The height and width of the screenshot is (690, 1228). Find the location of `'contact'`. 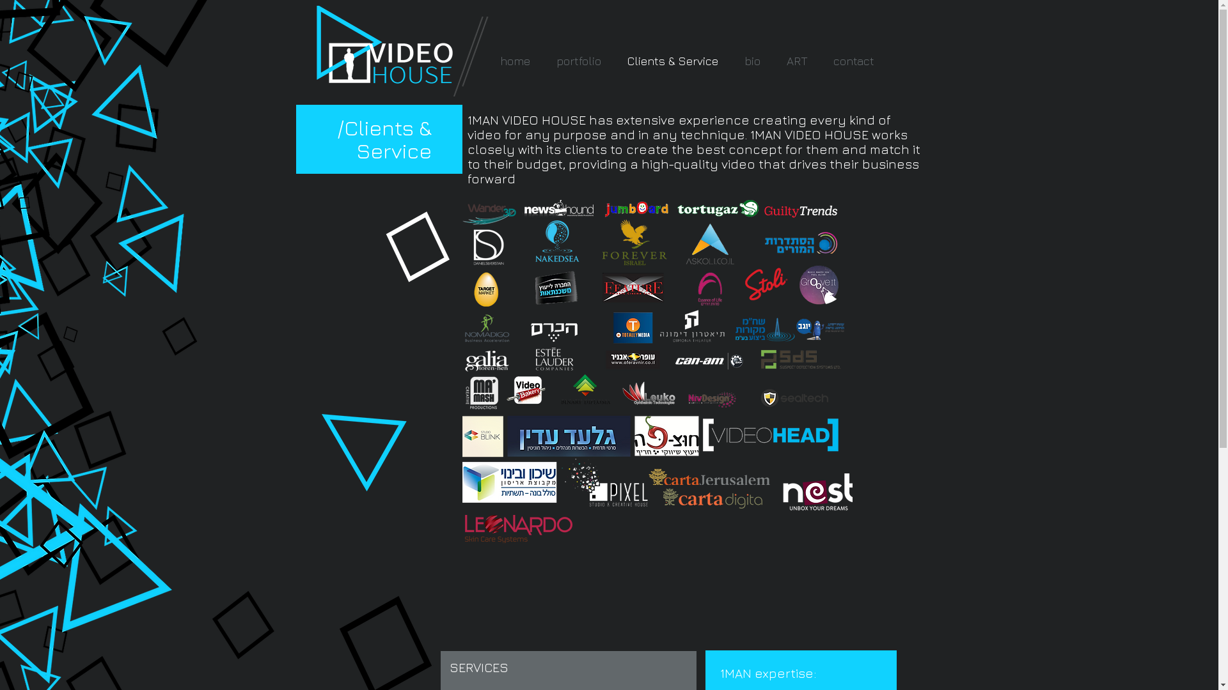

'contact' is located at coordinates (853, 61).